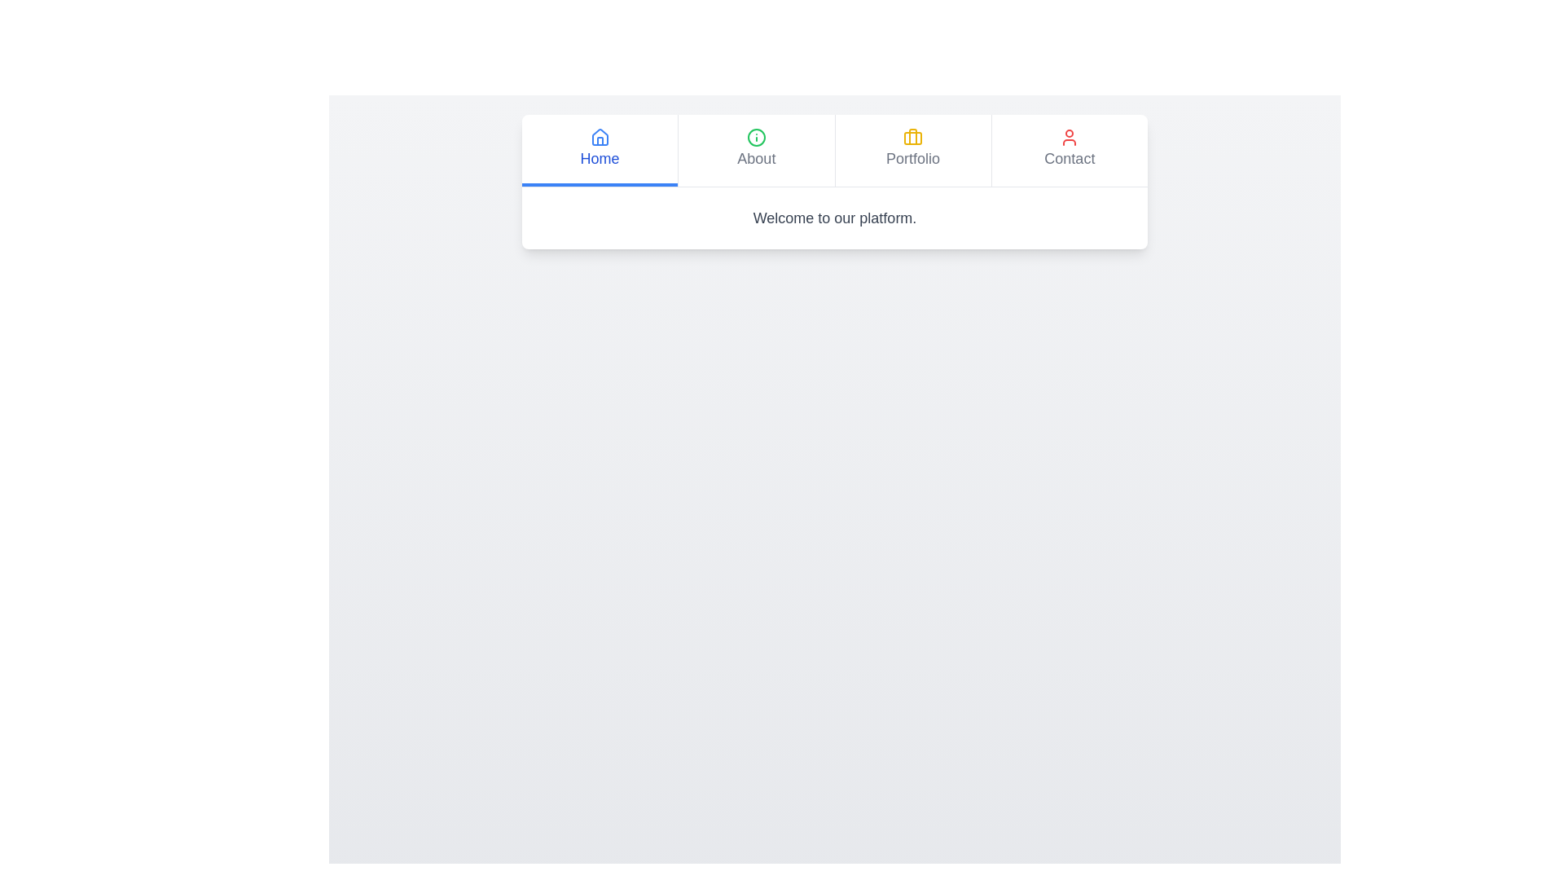  I want to click on the tab labeled 'Portfolio' to observe the visual feedback, so click(912, 151).